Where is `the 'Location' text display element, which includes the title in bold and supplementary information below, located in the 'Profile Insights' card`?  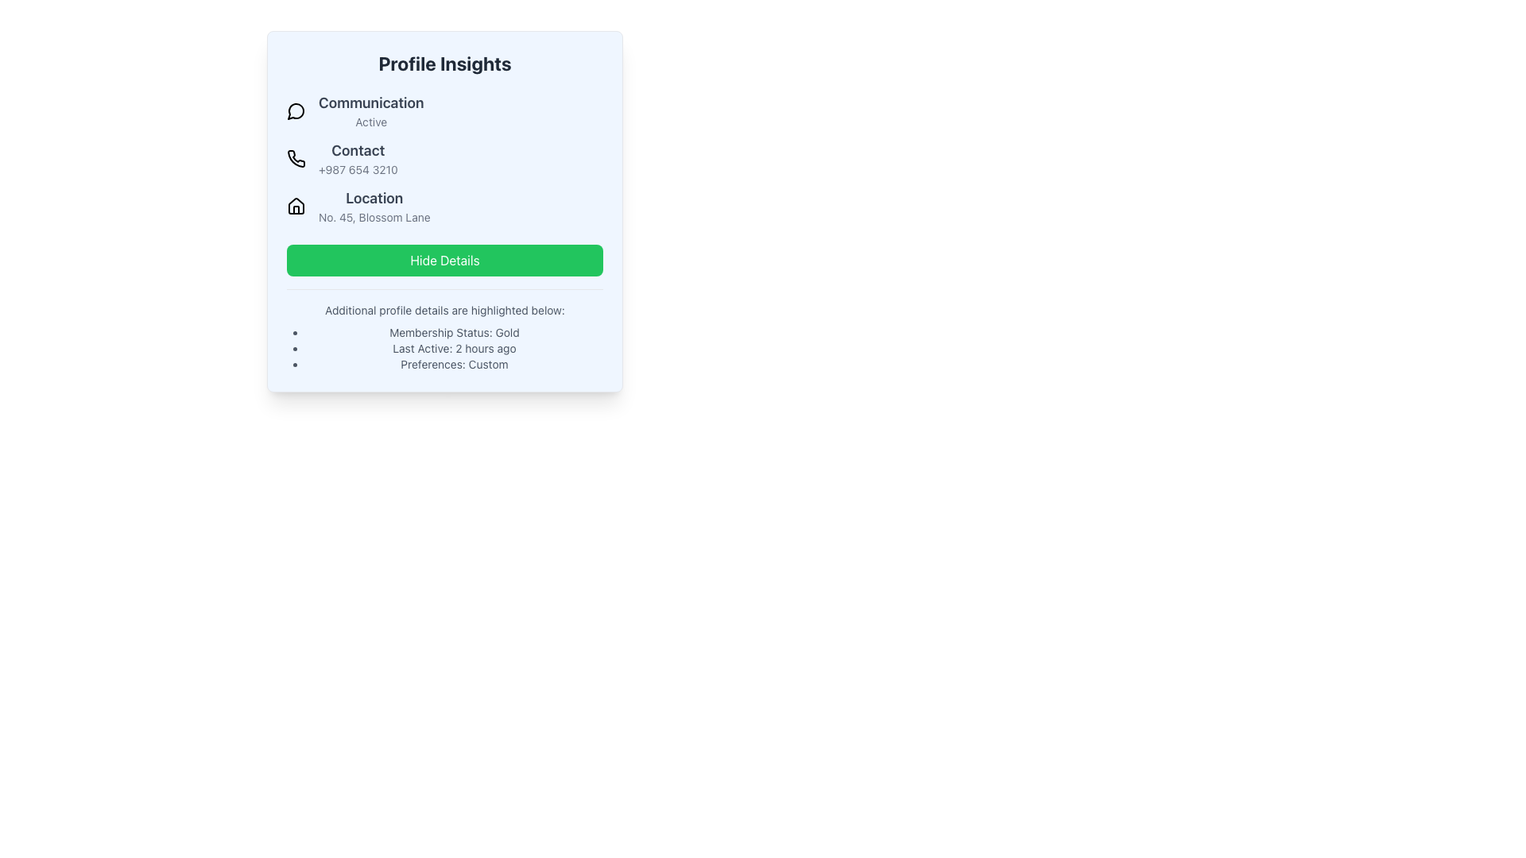
the 'Location' text display element, which includes the title in bold and supplementary information below, located in the 'Profile Insights' card is located at coordinates (374, 205).